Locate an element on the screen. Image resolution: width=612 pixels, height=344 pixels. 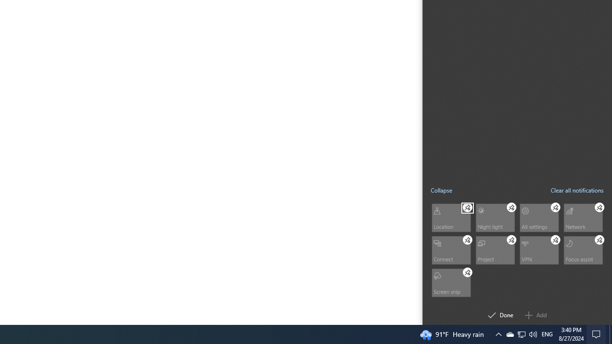
'Screen snip Unpin' is located at coordinates (467, 272).